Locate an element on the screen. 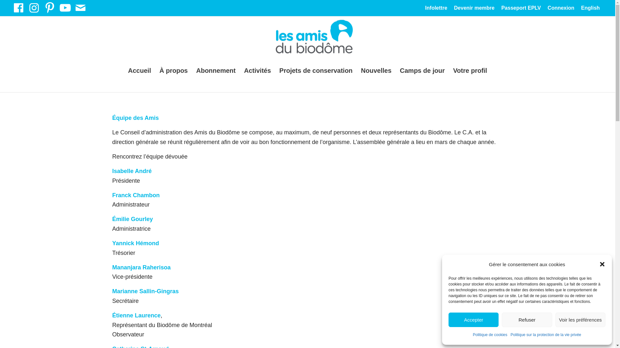 The height and width of the screenshot is (348, 620). 'Projets de conservation' is located at coordinates (316, 71).